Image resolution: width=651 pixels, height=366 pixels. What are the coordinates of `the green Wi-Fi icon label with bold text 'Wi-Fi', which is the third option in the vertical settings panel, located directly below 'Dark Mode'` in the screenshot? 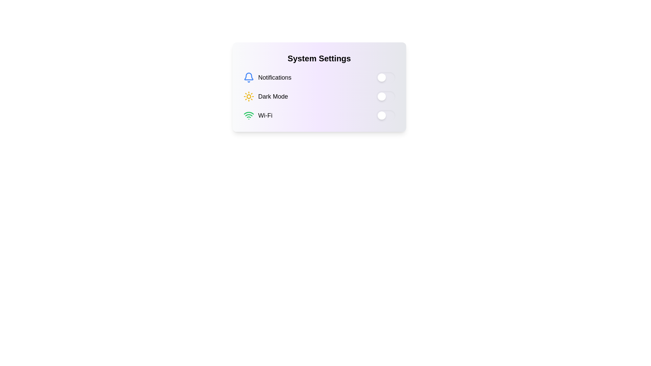 It's located at (257, 115).